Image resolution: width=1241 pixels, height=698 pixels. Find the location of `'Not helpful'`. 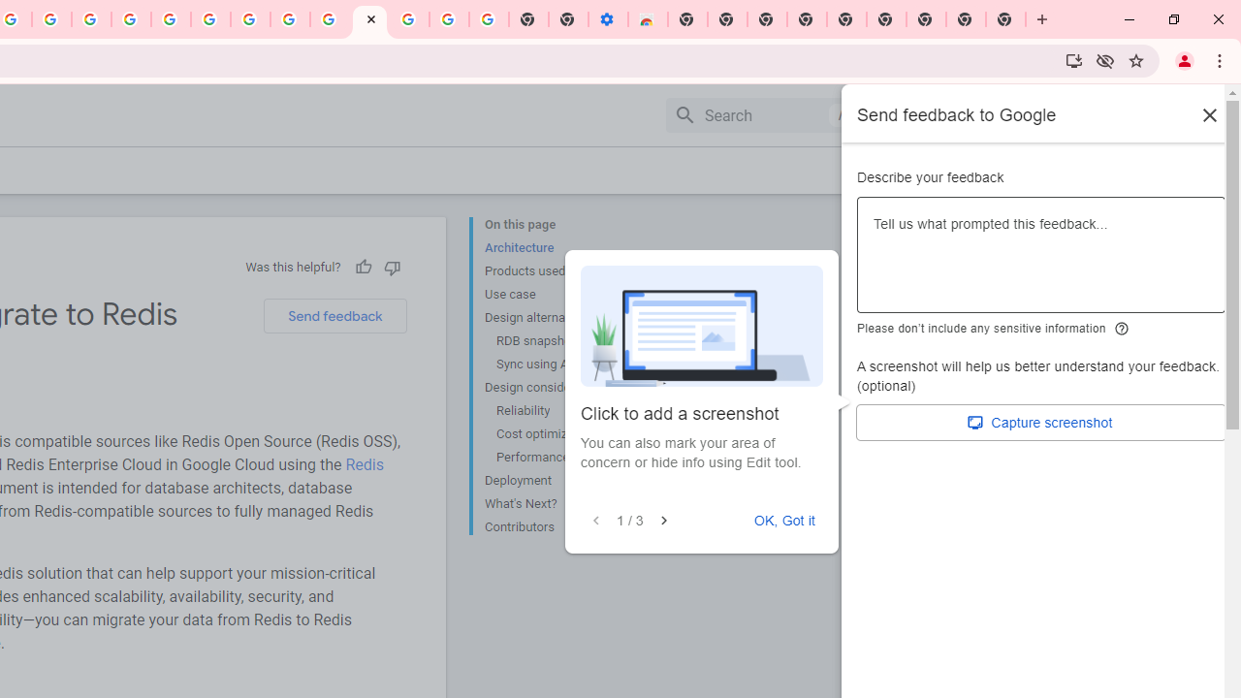

'Not helpful' is located at coordinates (391, 267).